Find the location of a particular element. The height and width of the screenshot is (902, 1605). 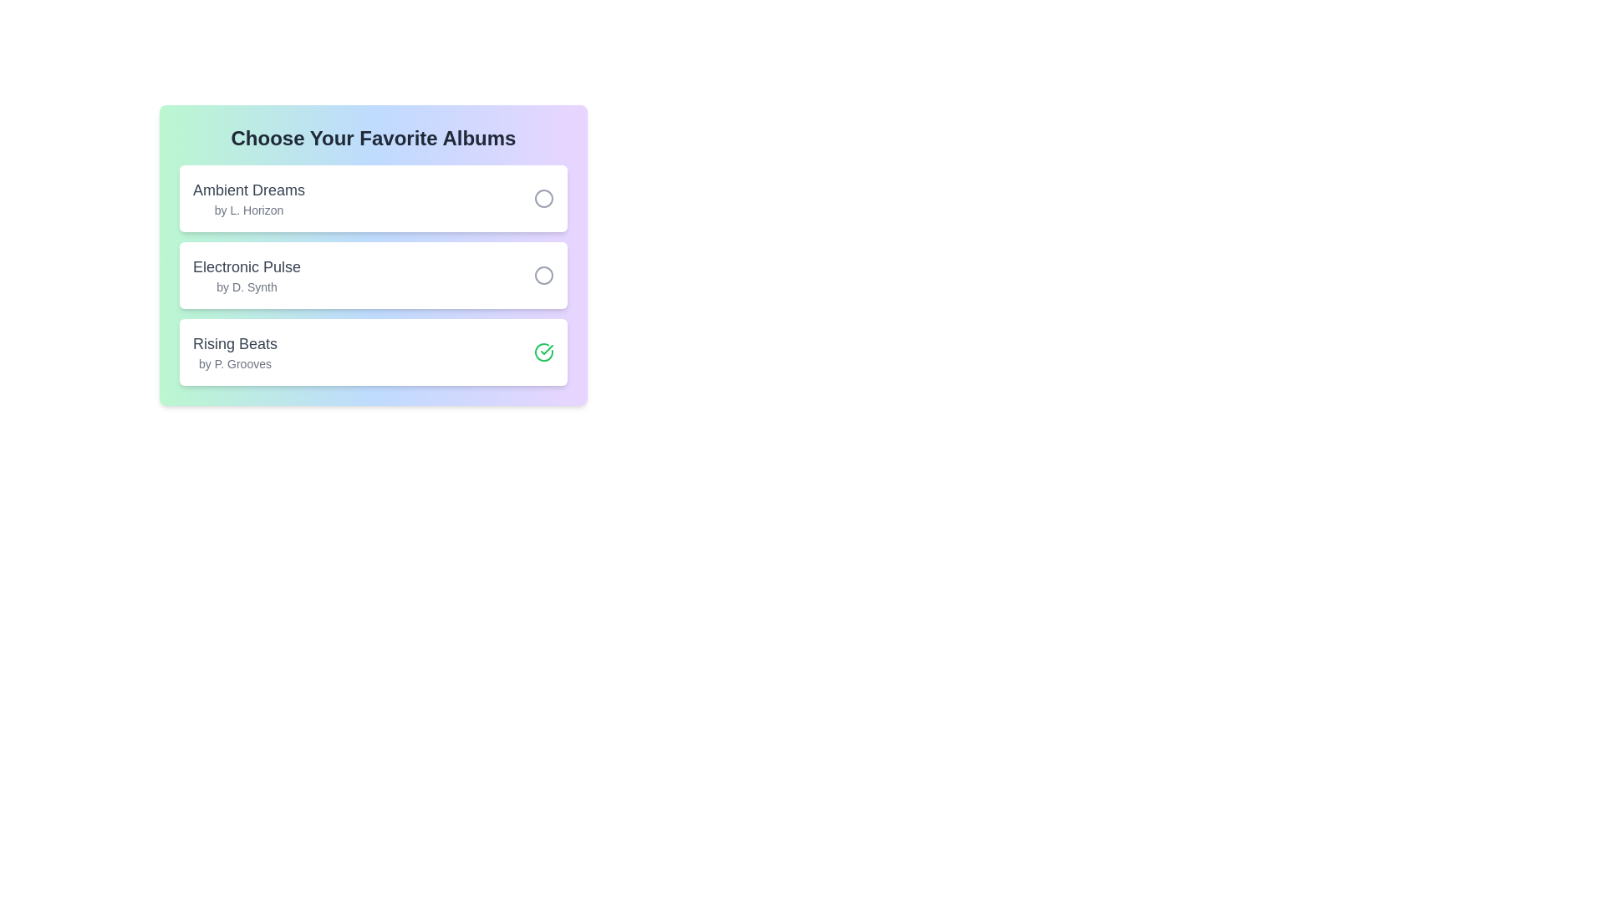

the album Electronic Pulse is located at coordinates (544, 275).